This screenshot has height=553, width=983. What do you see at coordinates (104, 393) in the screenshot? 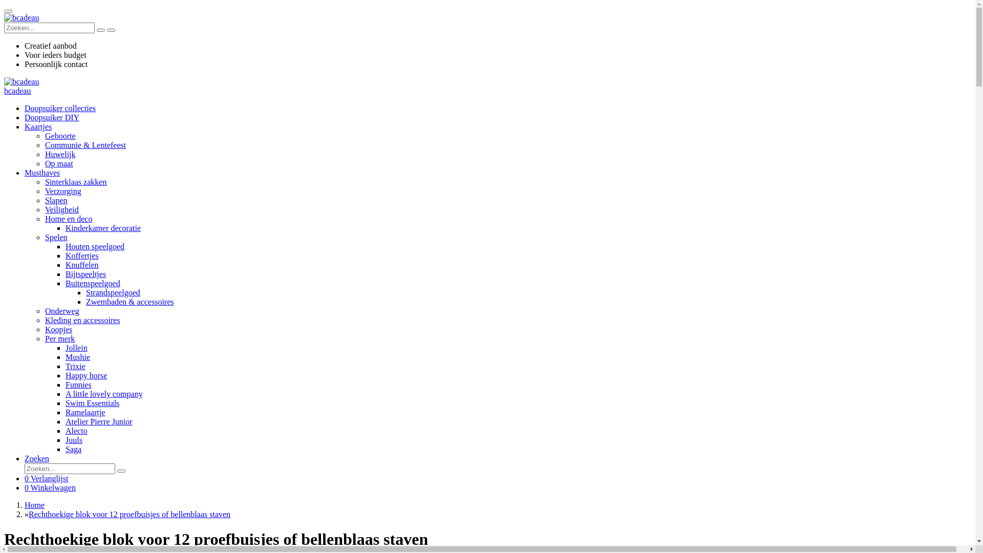
I see `'A little lovely company'` at bounding box center [104, 393].